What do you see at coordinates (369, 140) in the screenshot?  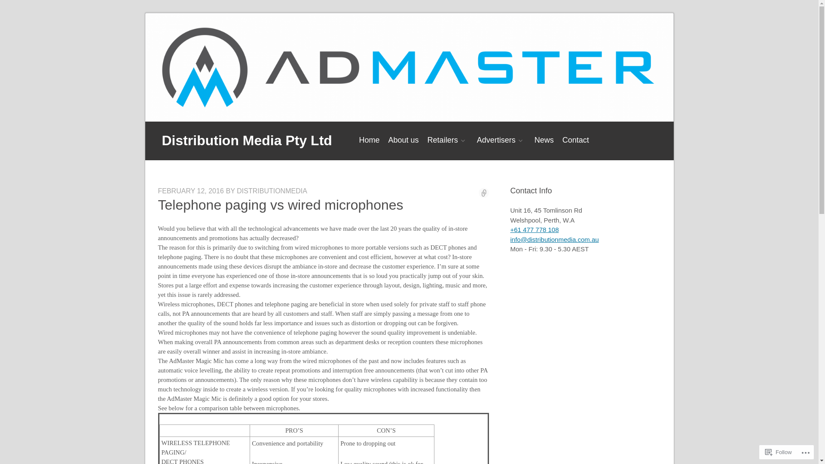 I see `'Home'` at bounding box center [369, 140].